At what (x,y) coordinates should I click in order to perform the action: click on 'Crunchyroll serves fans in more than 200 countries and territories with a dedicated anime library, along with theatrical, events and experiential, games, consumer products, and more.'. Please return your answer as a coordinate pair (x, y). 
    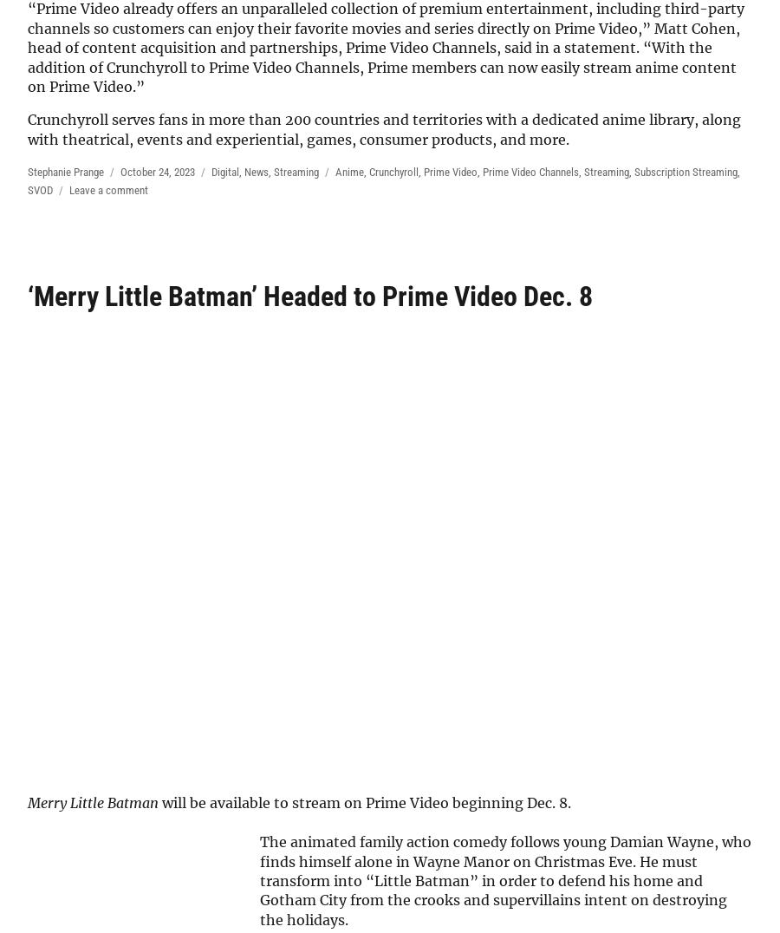
    Looking at the image, I should click on (384, 129).